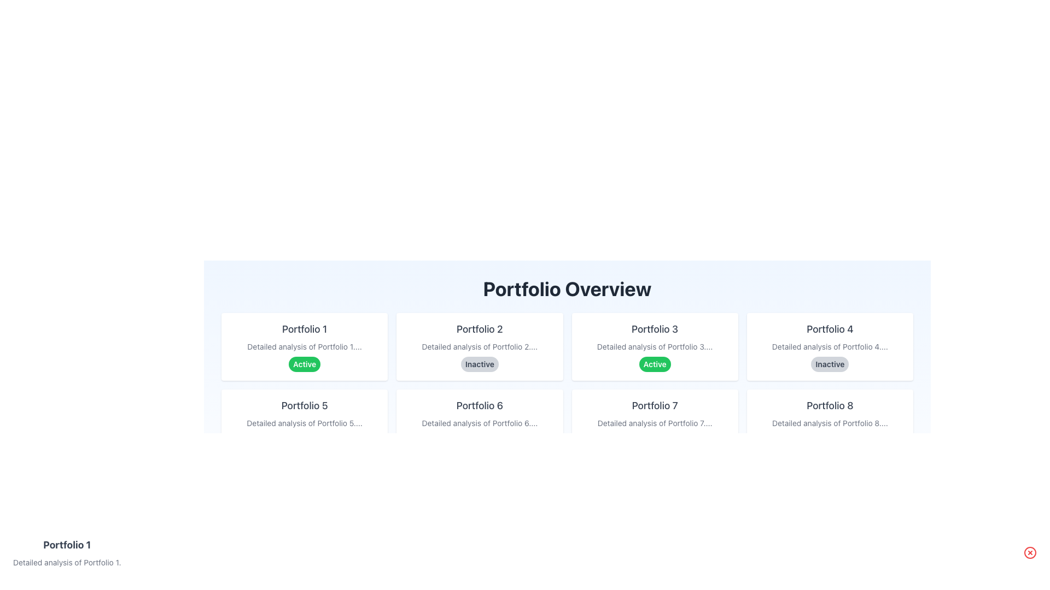  What do you see at coordinates (305, 406) in the screenshot?
I see `the text 'Portfolio 5' which is styled with a medium font weight and dark gray color, located in the first column of the second row in the grid` at bounding box center [305, 406].